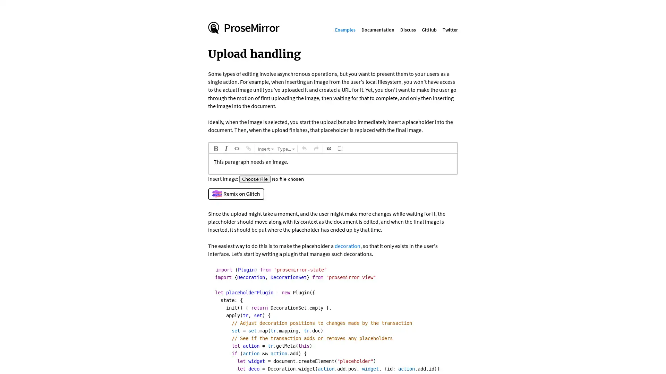  I want to click on Choose File, so click(254, 178).